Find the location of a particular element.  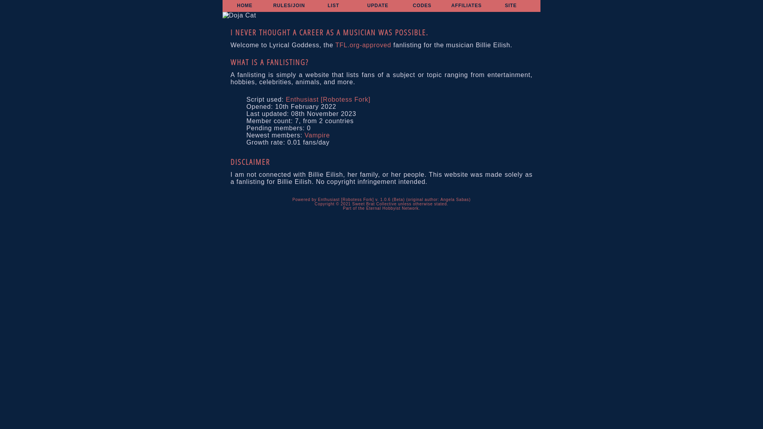

'SITE' is located at coordinates (511, 6).